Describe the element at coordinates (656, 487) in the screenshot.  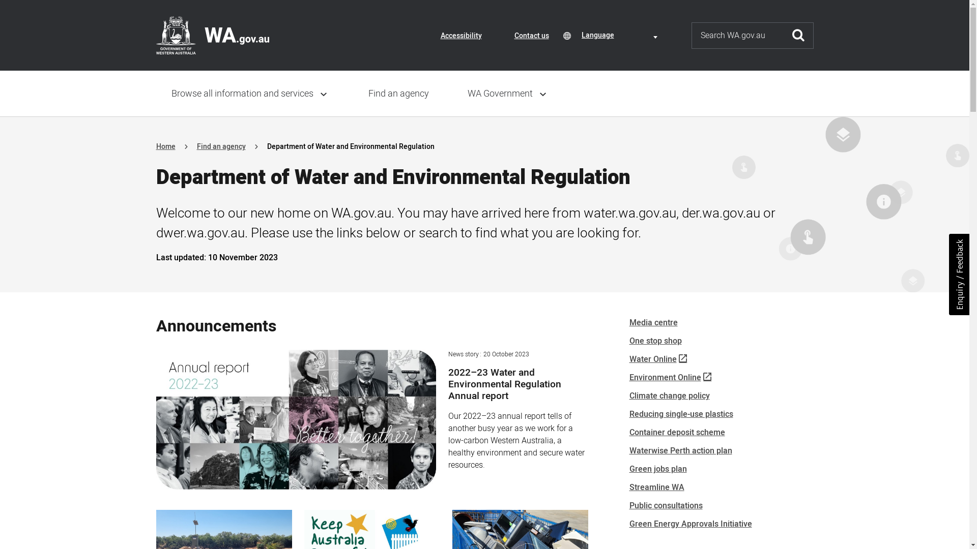
I see `'Streamline WA'` at that location.